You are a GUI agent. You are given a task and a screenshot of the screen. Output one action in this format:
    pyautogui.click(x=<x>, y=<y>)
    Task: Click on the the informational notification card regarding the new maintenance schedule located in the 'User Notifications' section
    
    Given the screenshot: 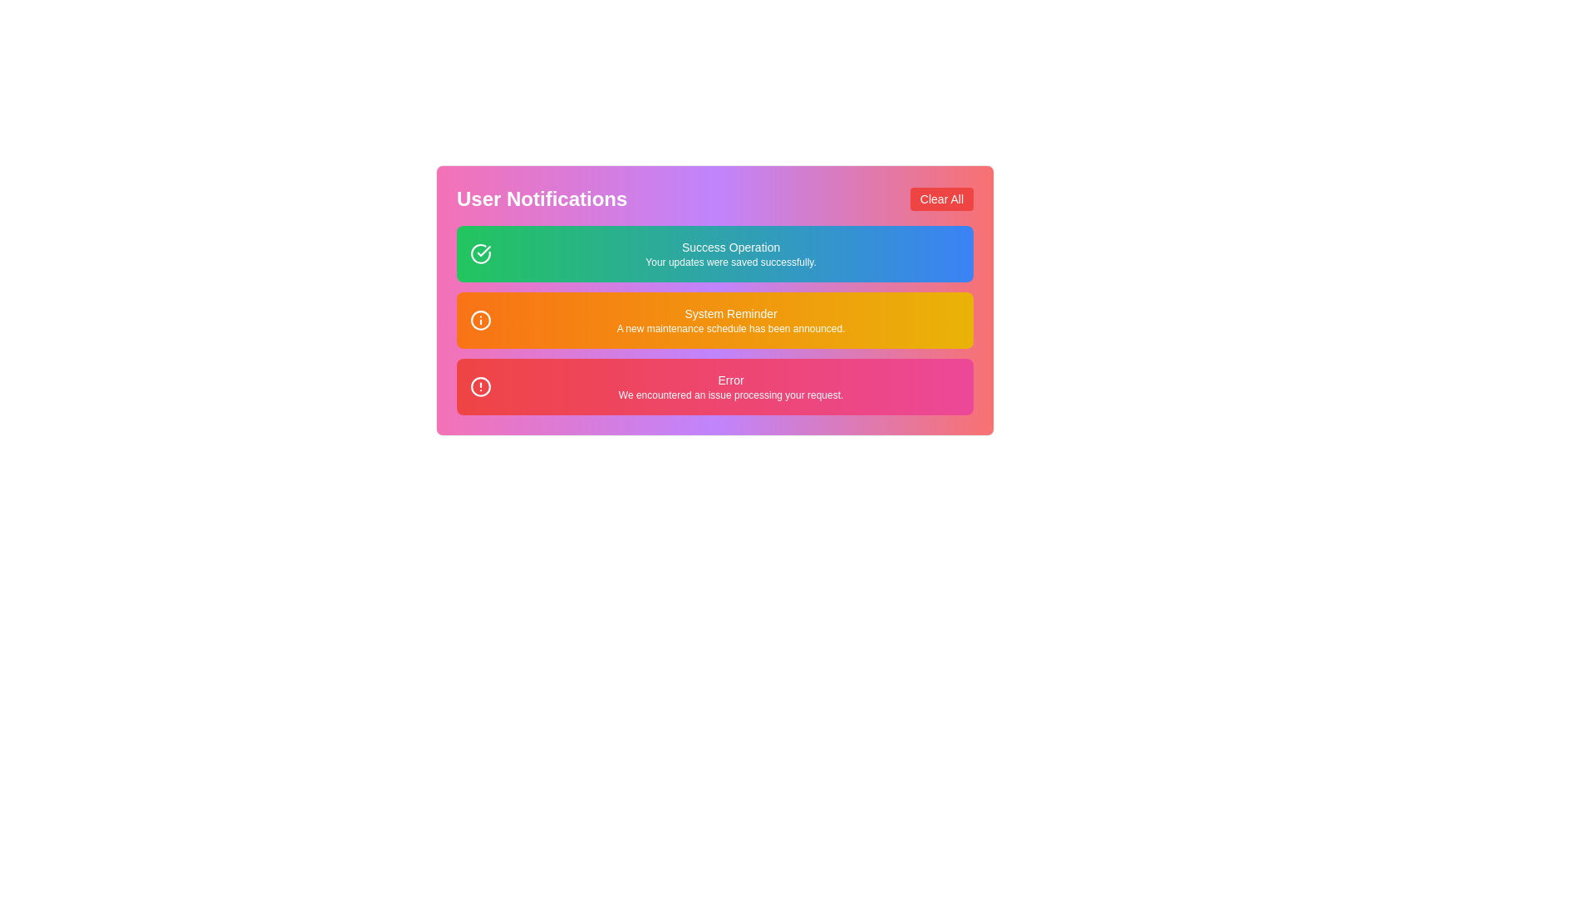 What is the action you would take?
    pyautogui.click(x=714, y=301)
    